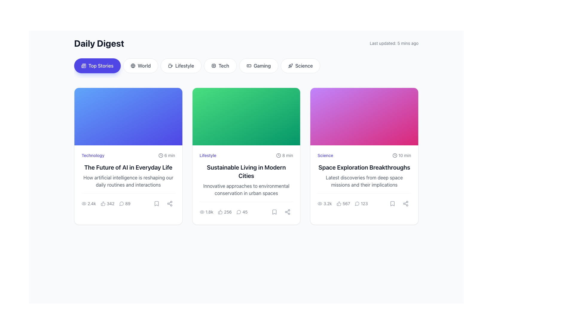 The image size is (574, 323). Describe the element at coordinates (406, 203) in the screenshot. I see `the share button located at the bottom-right corner of the third article card` at that location.